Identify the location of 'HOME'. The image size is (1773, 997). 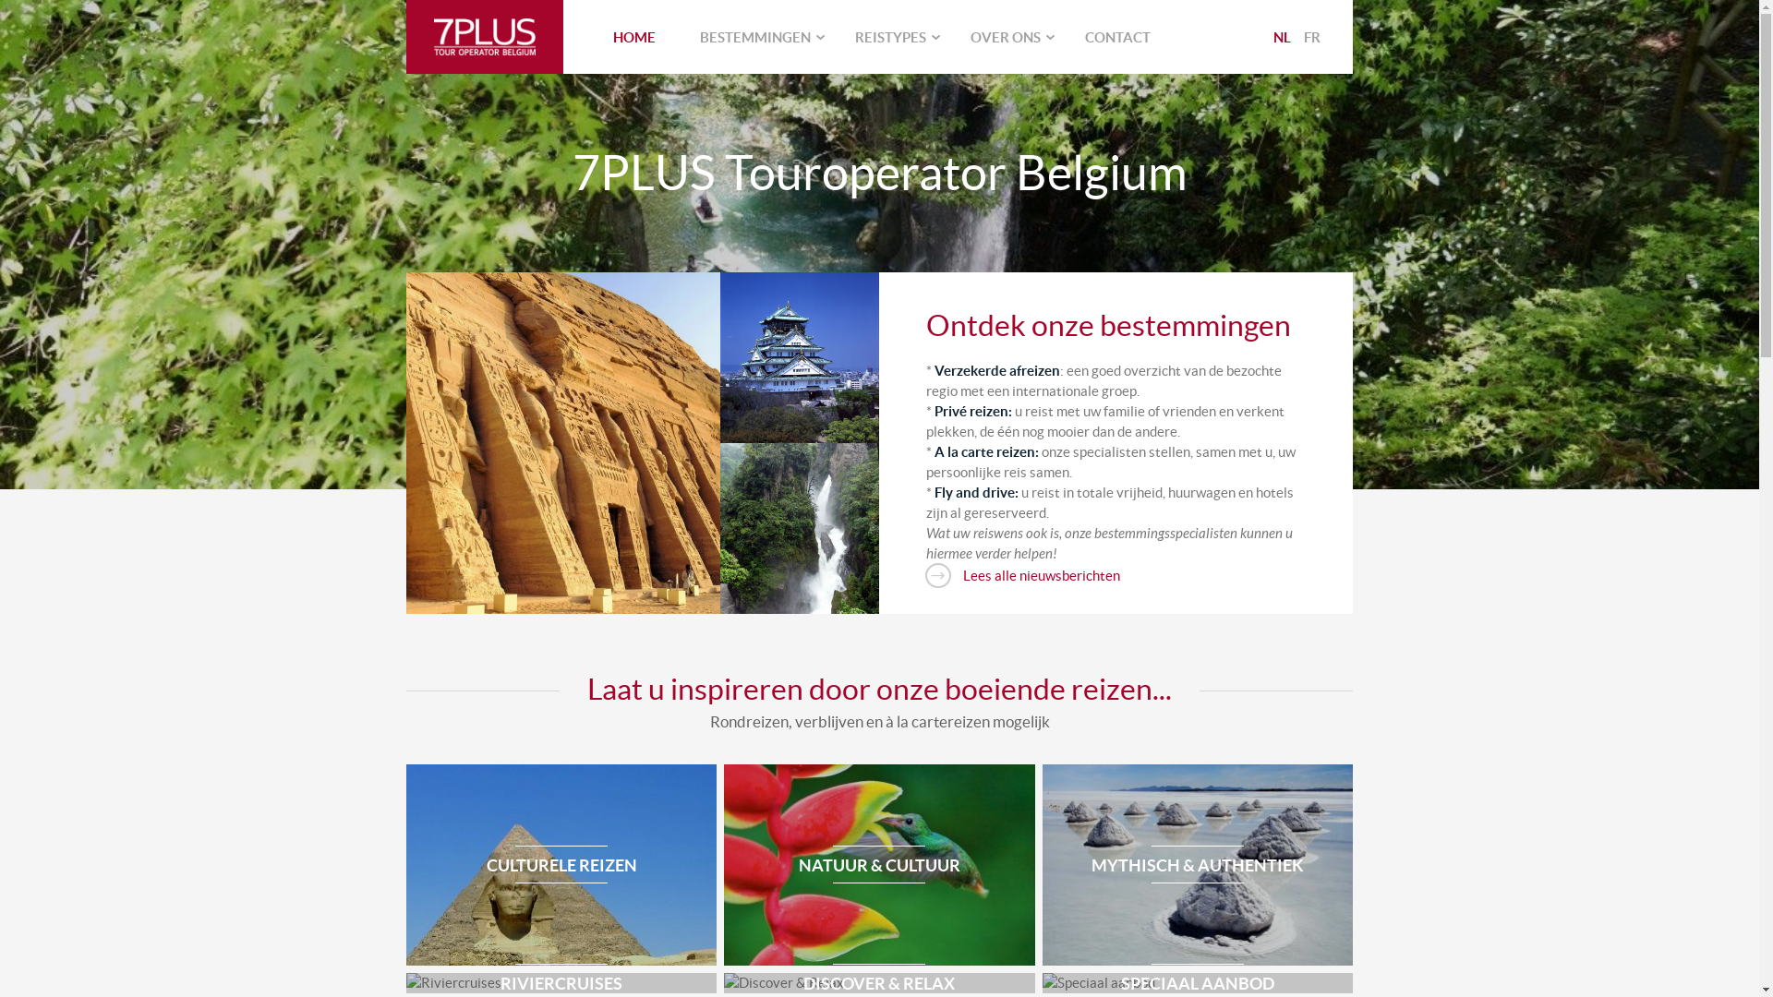
(589, 36).